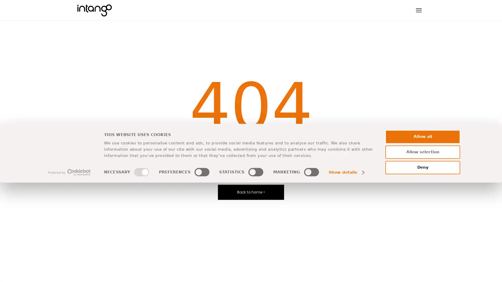 Image resolution: width=502 pixels, height=282 pixels. I want to click on Allow all, so click(423, 236).